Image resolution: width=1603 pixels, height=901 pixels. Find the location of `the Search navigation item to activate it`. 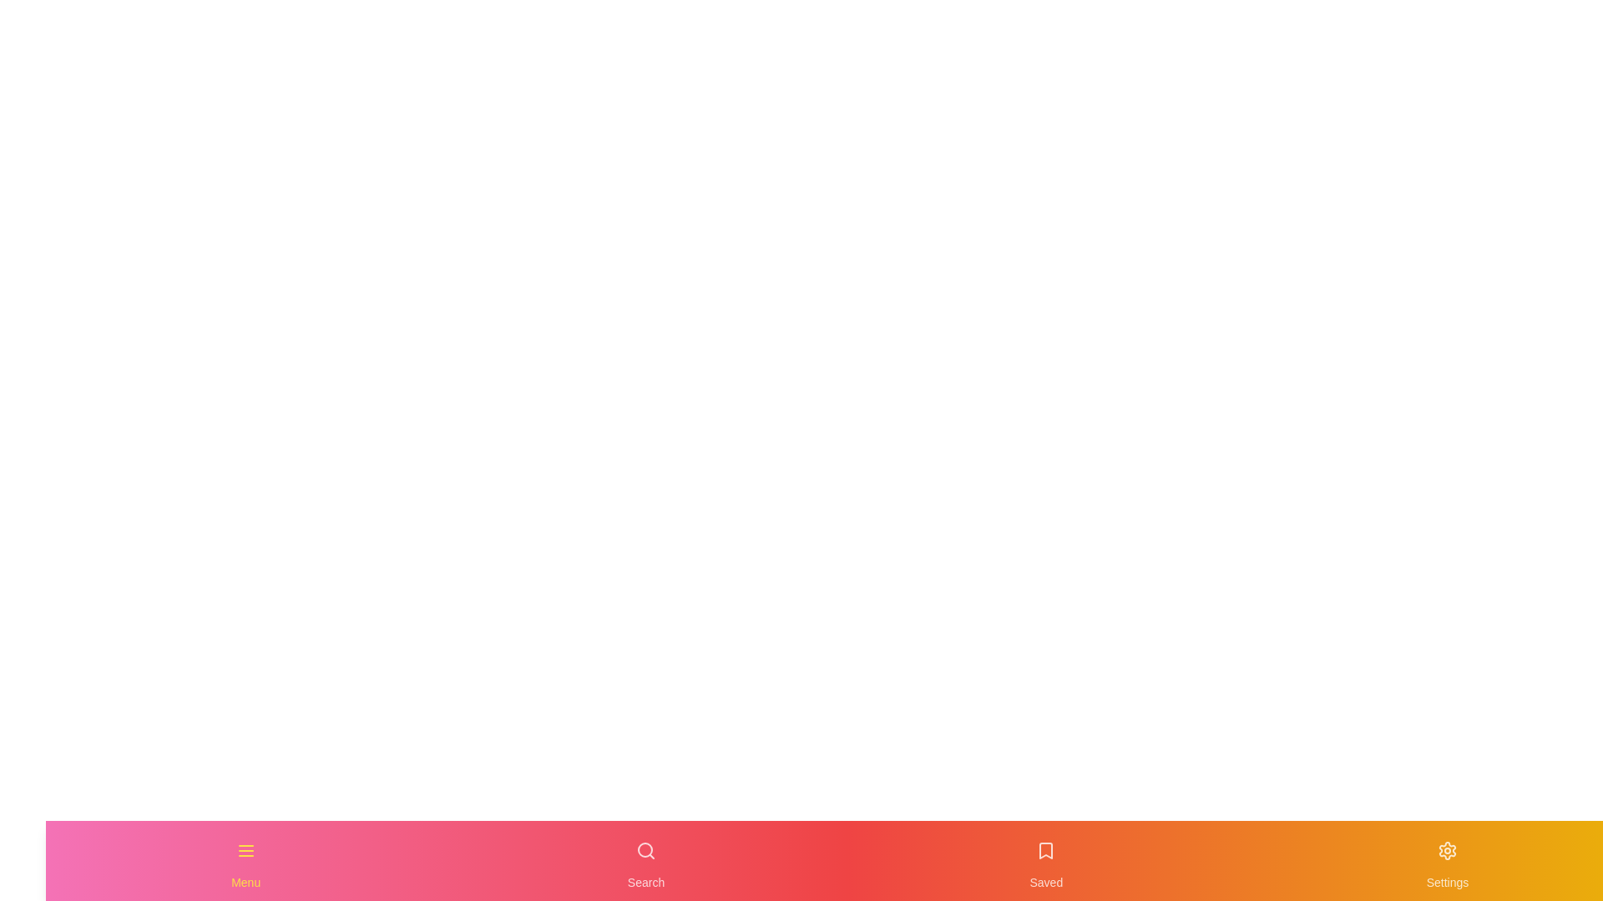

the Search navigation item to activate it is located at coordinates (645, 861).